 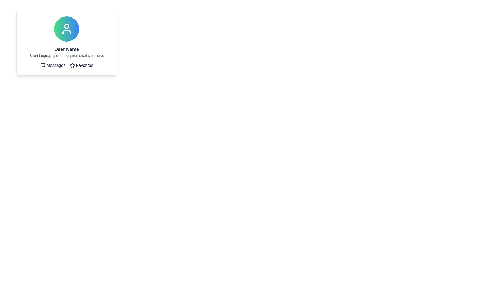 What do you see at coordinates (66, 29) in the screenshot?
I see `the user silhouette icon located at the center of the circular gradient area above the 'User Name' text section` at bounding box center [66, 29].